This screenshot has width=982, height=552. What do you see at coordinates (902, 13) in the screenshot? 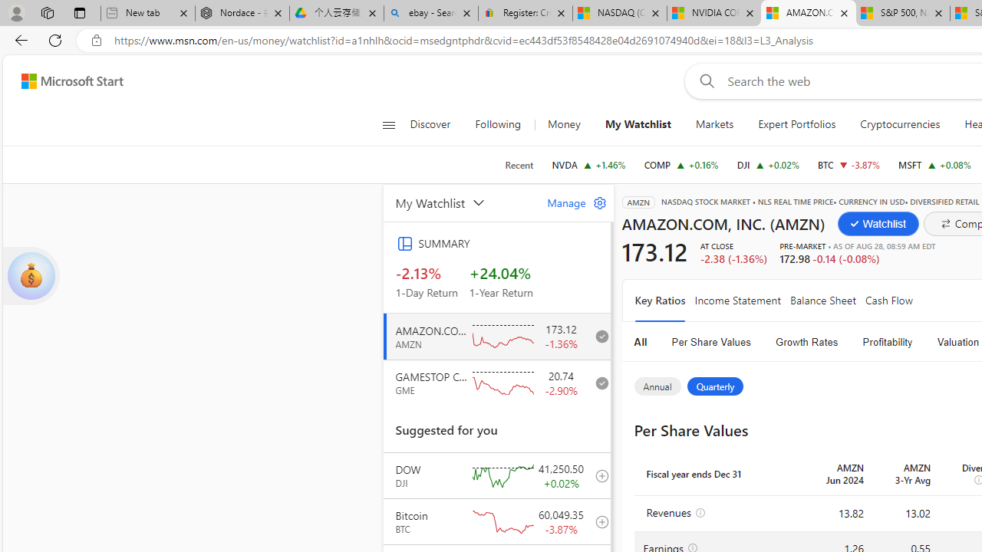
I see `'S&P 500, Nasdaq end lower, weighed by Nvidia dip | Watch'` at bounding box center [902, 13].